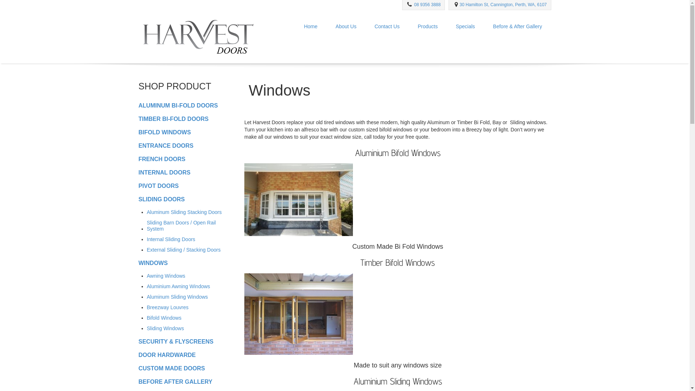 This screenshot has width=695, height=391. What do you see at coordinates (171, 368) in the screenshot?
I see `'CUSTOM MADE DOORS'` at bounding box center [171, 368].